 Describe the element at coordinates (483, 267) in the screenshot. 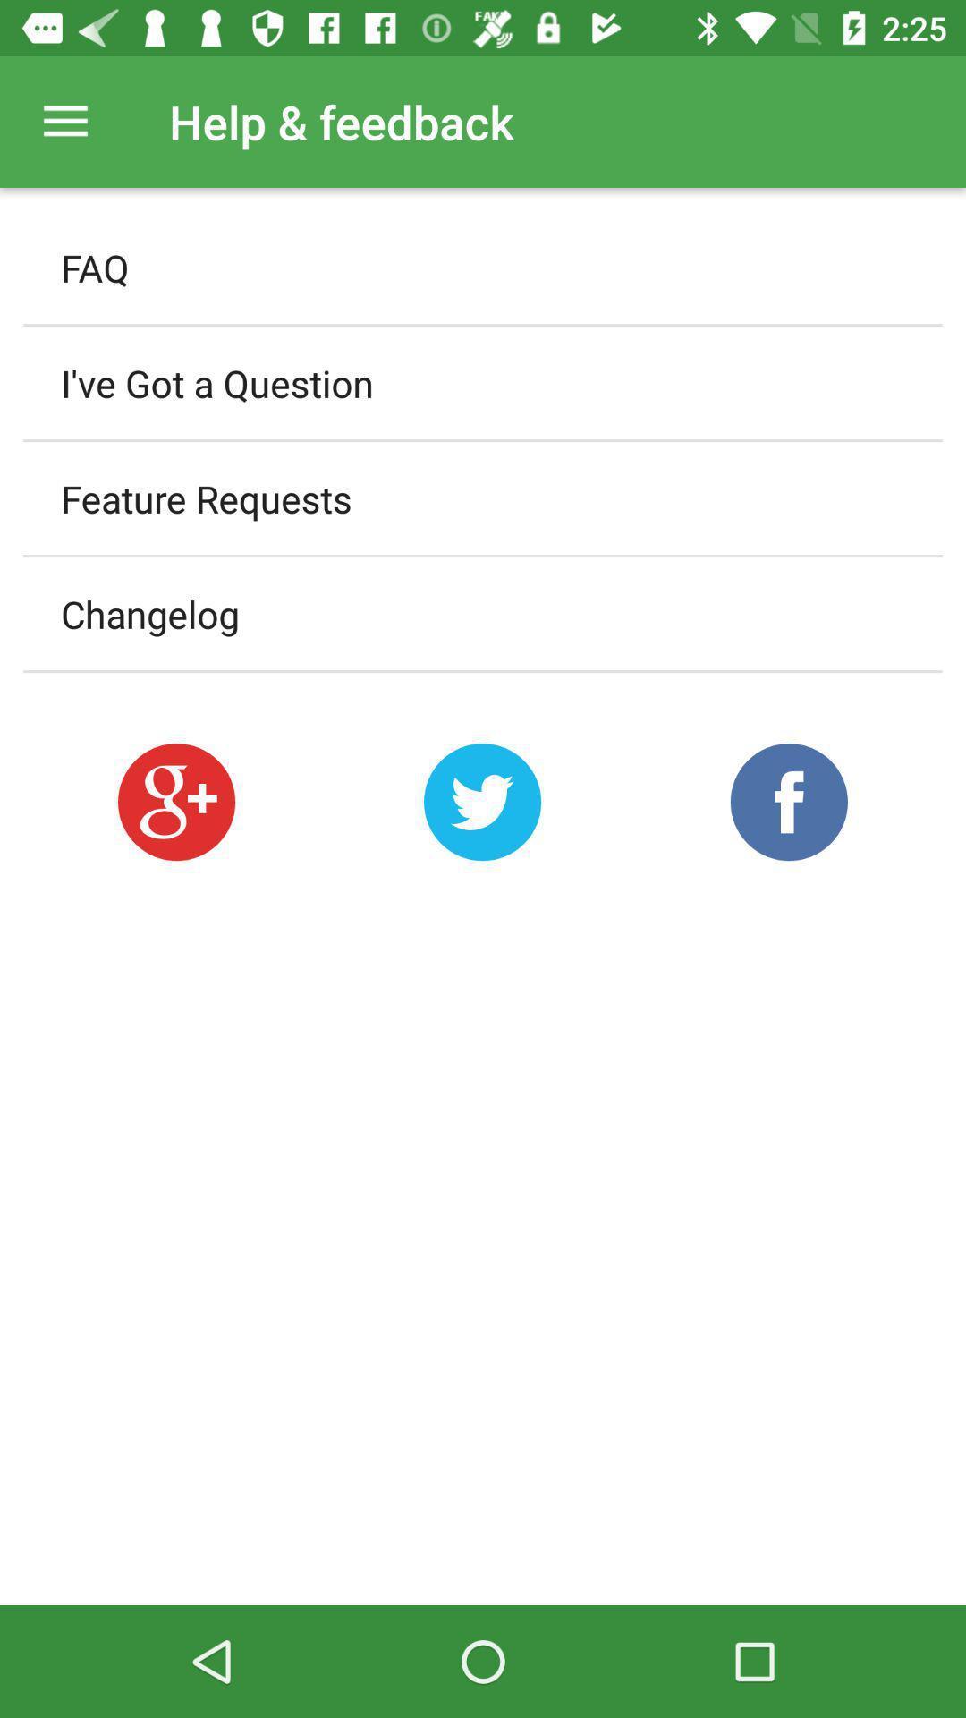

I see `the icon above the i ve got item` at that location.